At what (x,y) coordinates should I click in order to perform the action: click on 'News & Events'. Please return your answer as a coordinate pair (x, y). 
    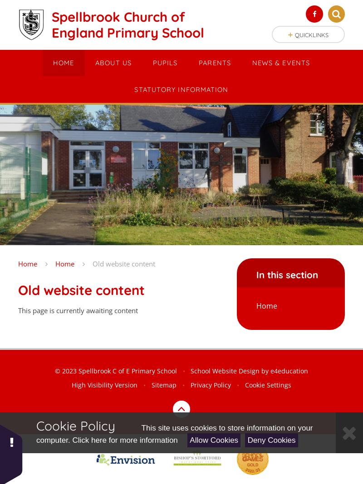
    Looking at the image, I should click on (280, 63).